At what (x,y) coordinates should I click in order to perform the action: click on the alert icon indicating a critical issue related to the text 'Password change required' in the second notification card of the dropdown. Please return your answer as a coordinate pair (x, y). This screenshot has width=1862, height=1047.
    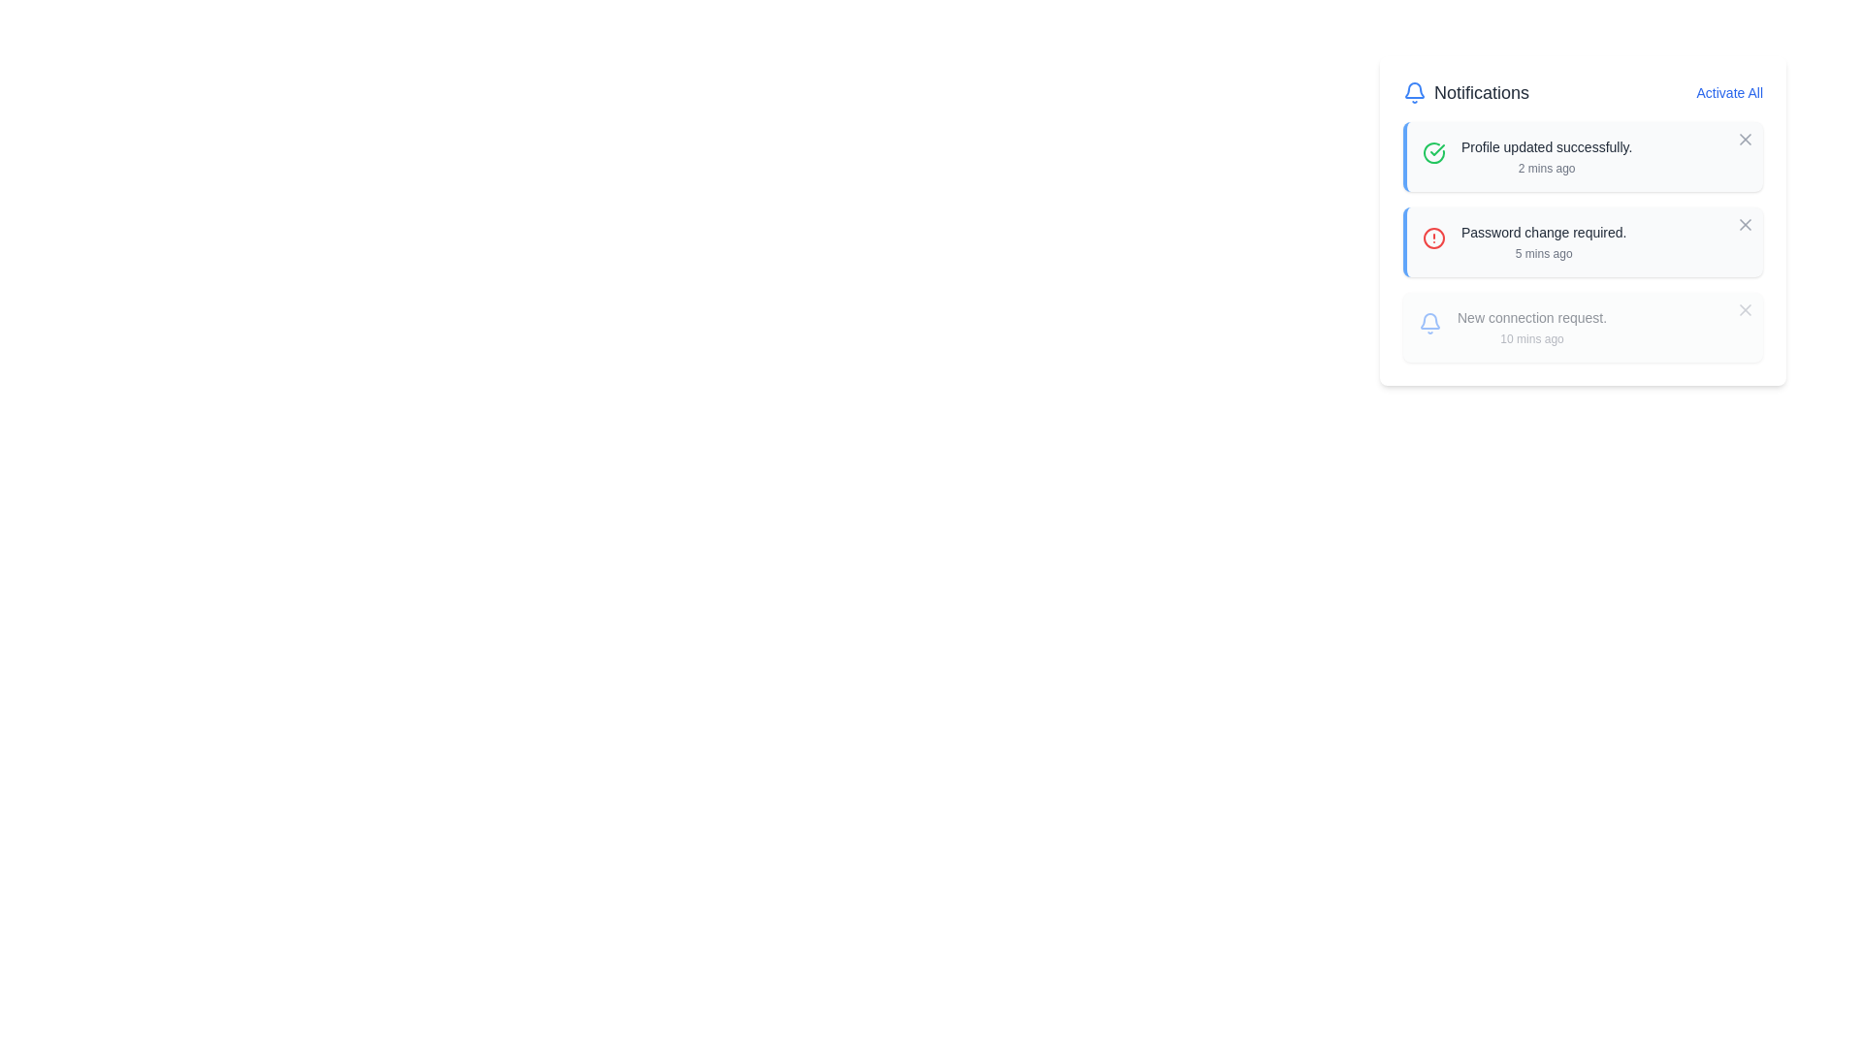
    Looking at the image, I should click on (1433, 242).